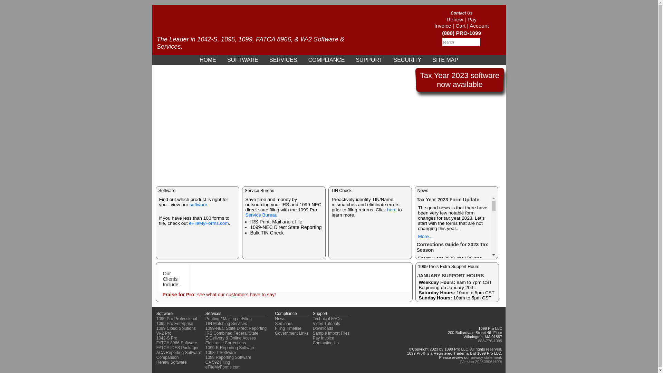 The height and width of the screenshot is (373, 663). I want to click on 'IRS Combined Federal/State', so click(205, 333).